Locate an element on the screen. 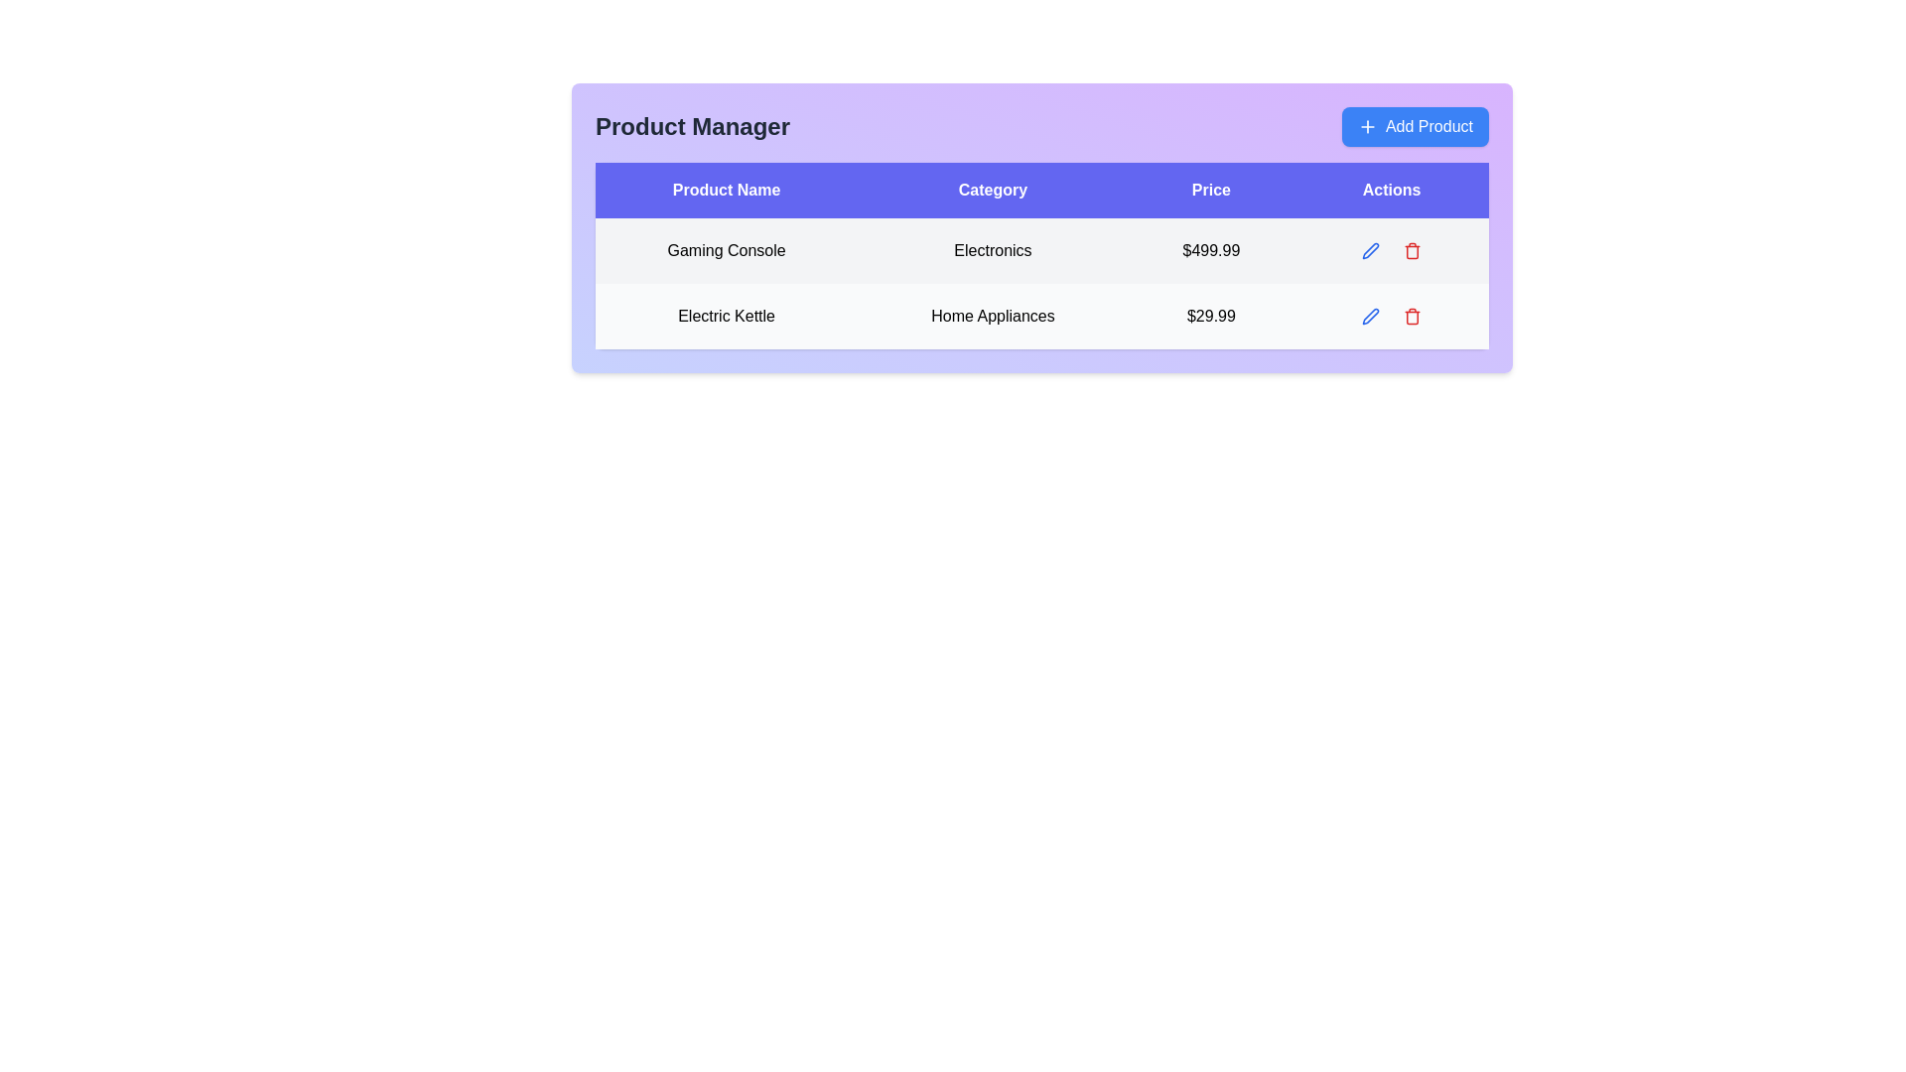 The height and width of the screenshot is (1072, 1906). the 'Home Appliances' text label in the second row of the table, which is centrally aligned in the 'Category' column, between 'Electric Kettle' and '$29.99' is located at coordinates (993, 316).